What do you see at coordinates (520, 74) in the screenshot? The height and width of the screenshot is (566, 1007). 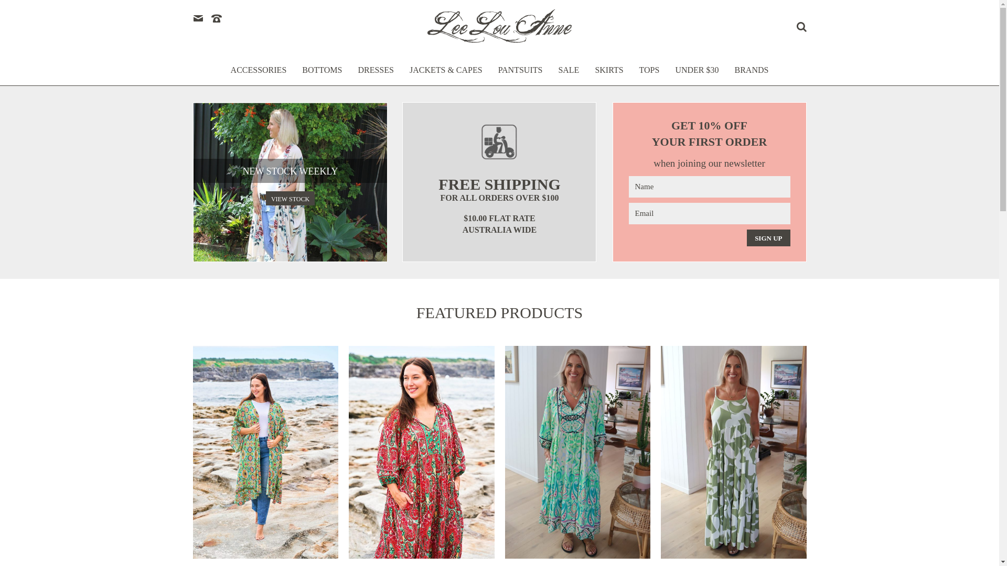 I see `'PANTSUITS'` at bounding box center [520, 74].